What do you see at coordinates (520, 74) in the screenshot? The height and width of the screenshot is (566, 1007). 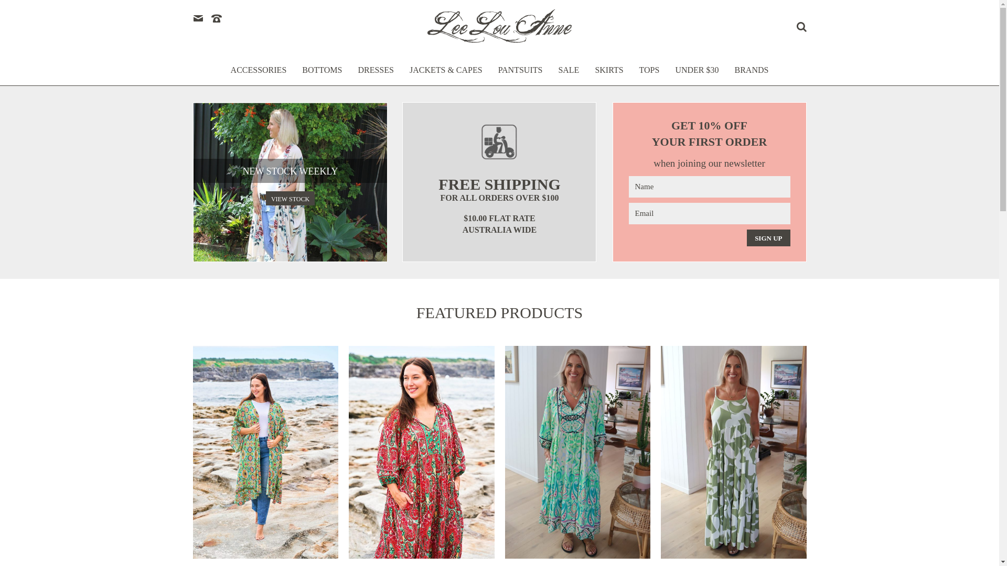 I see `'PANTSUITS'` at bounding box center [520, 74].